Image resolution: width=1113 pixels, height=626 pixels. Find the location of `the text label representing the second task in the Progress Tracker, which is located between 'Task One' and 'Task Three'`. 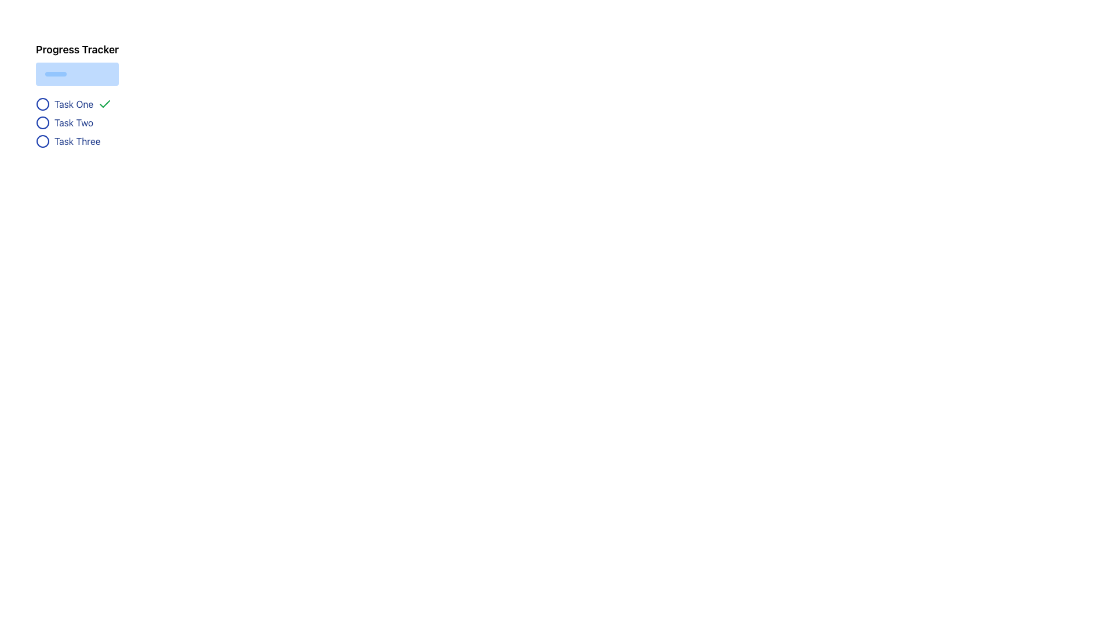

the text label representing the second task in the Progress Tracker, which is located between 'Task One' and 'Task Three' is located at coordinates (77, 123).